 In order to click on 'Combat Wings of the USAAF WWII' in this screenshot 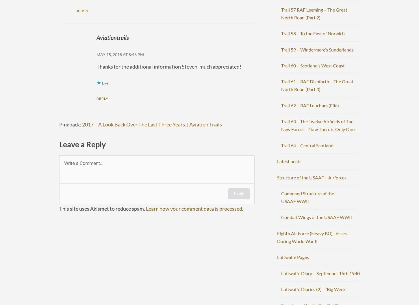, I will do `click(316, 217)`.